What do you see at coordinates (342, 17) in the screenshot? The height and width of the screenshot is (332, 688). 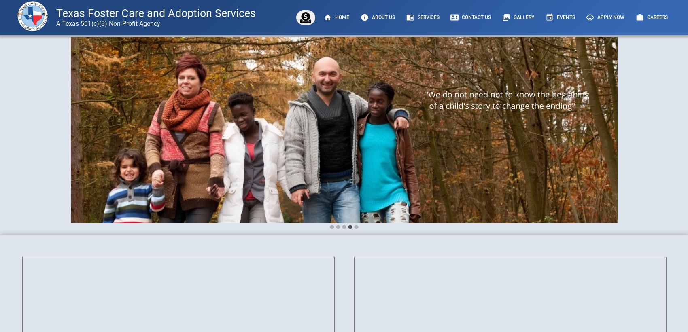 I see `'Home'` at bounding box center [342, 17].